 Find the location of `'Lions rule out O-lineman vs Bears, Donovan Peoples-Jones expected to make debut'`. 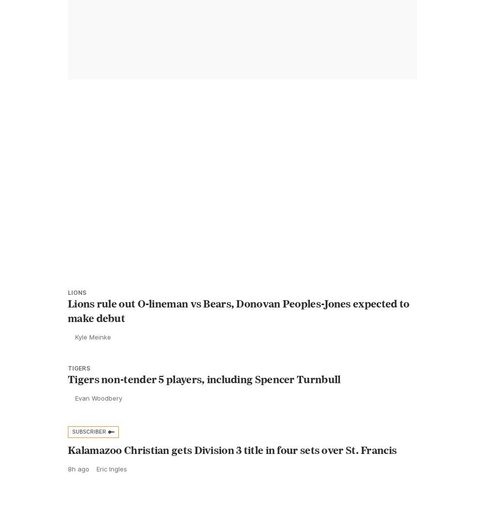

'Lions rule out O-lineman vs Bears, Donovan Peoples-Jones expected to make debut' is located at coordinates (238, 332).